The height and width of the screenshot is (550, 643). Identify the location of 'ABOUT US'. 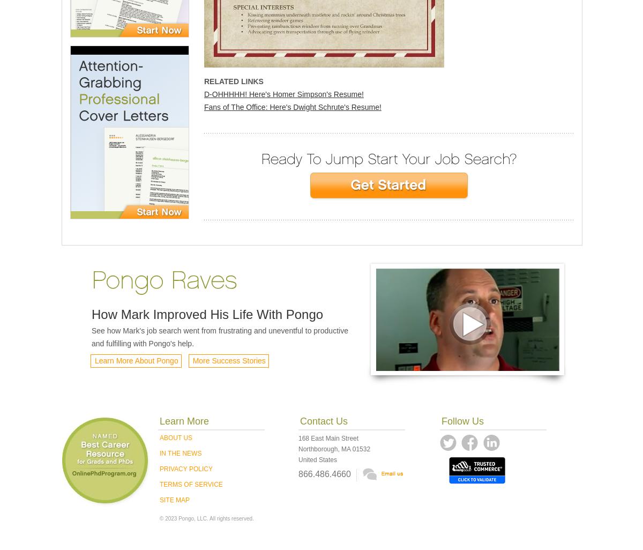
(176, 437).